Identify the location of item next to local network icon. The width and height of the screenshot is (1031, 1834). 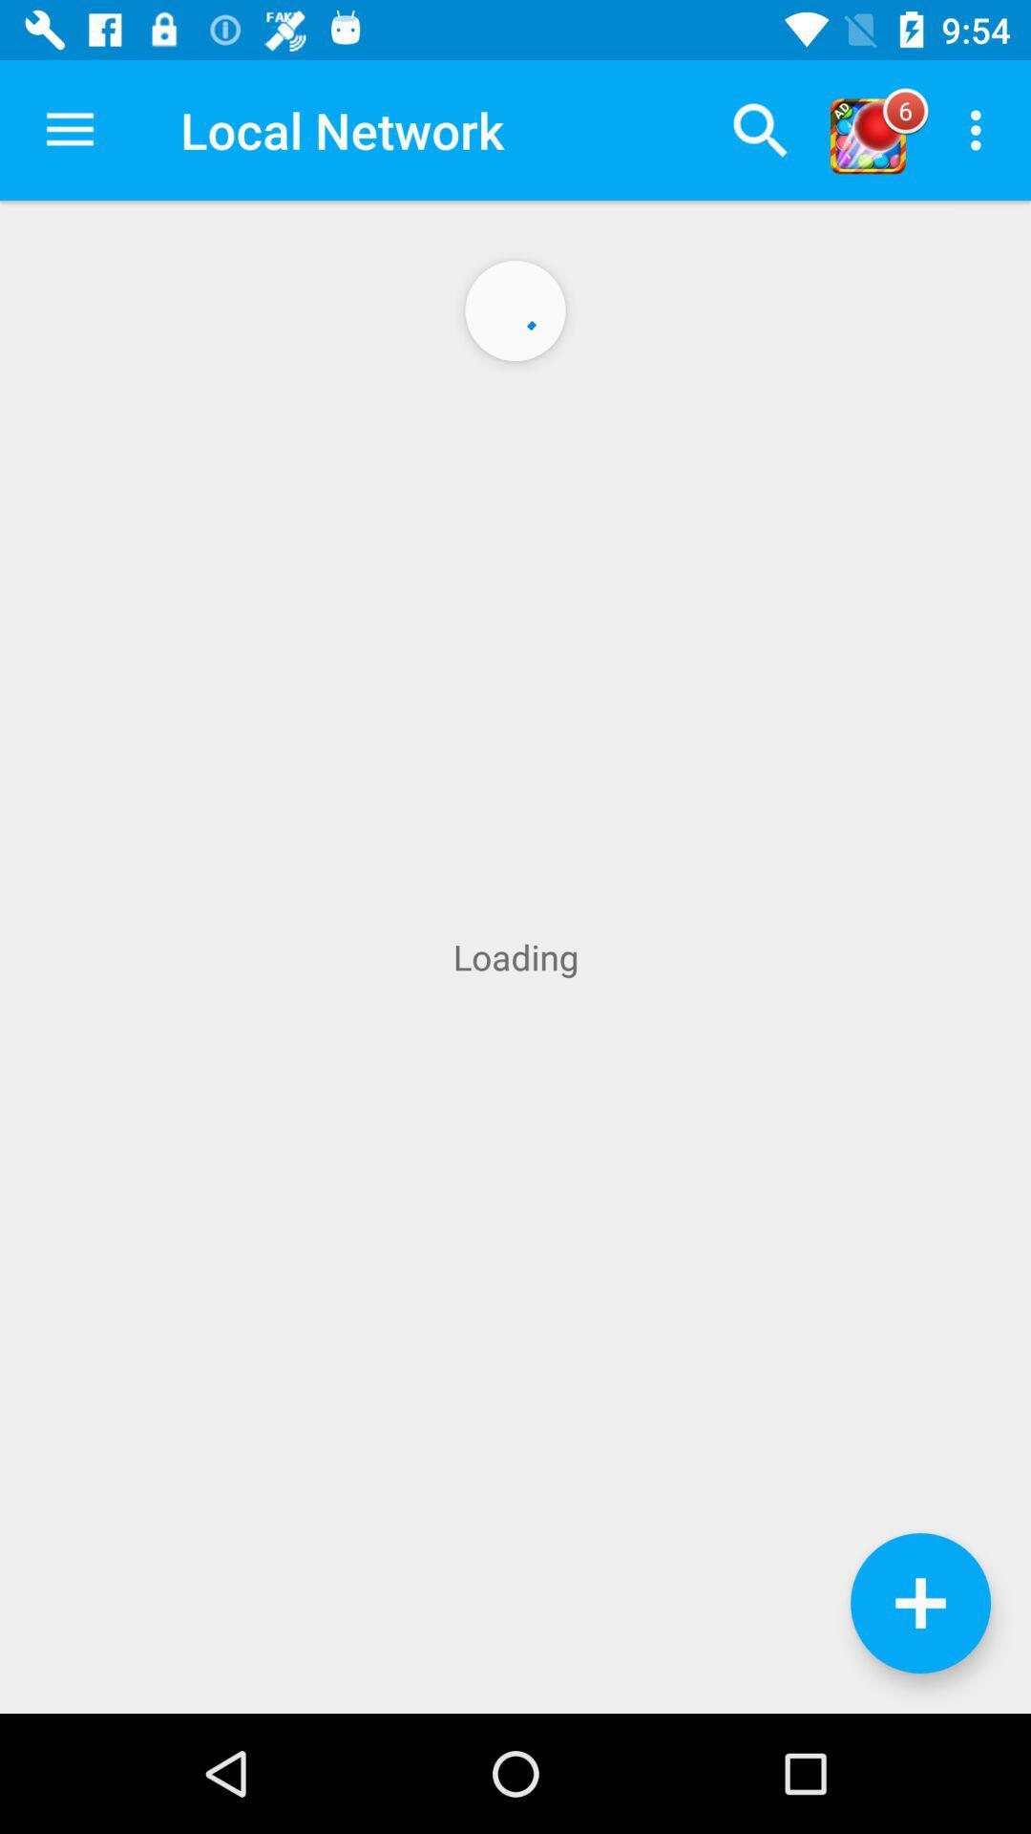
(759, 129).